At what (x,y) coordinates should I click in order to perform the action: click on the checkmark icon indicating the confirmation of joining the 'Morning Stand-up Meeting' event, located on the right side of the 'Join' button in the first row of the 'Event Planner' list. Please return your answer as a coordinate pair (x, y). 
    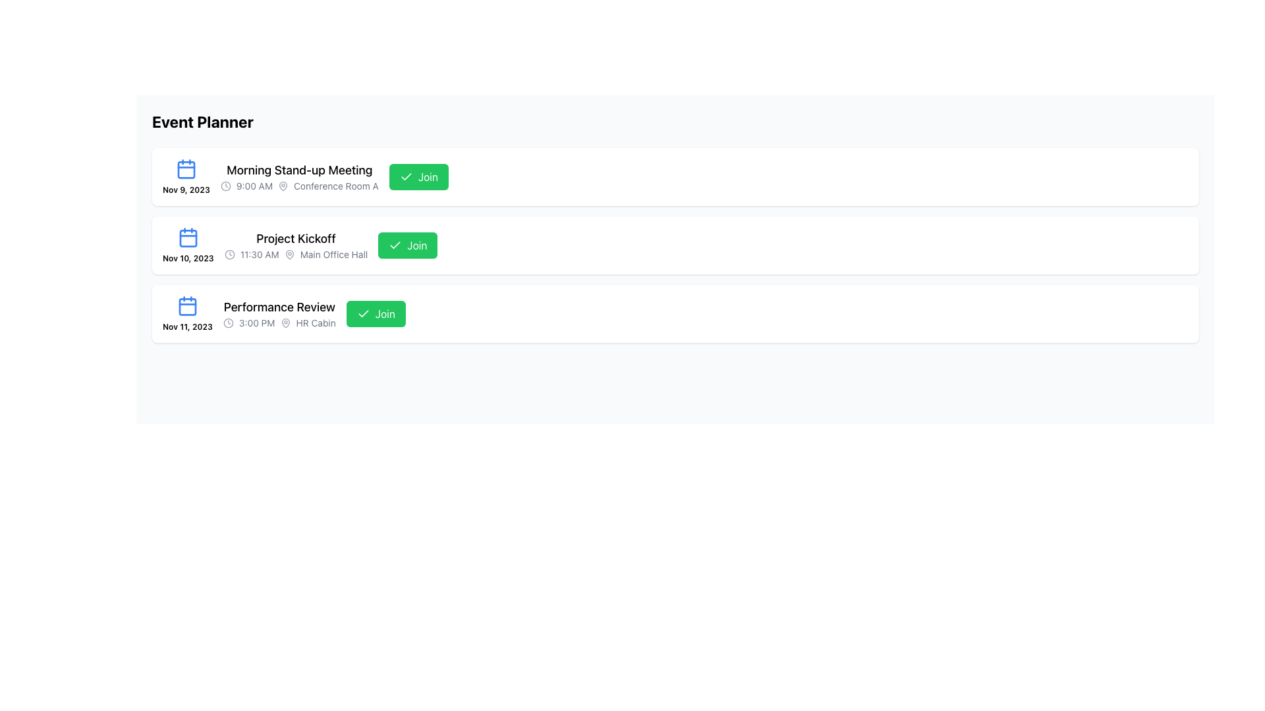
    Looking at the image, I should click on (405, 176).